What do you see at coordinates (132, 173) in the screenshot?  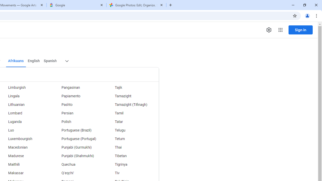 I see `'Tiv'` at bounding box center [132, 173].